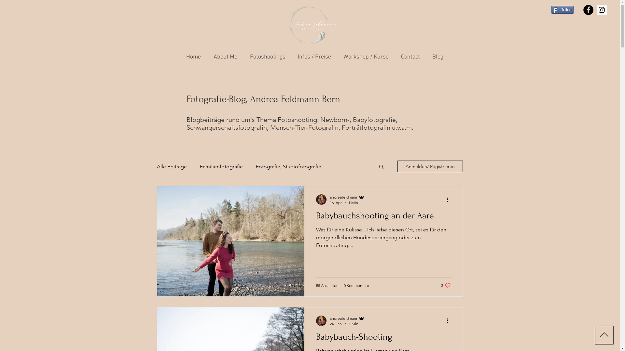  What do you see at coordinates (224, 57) in the screenshot?
I see `'About Me'` at bounding box center [224, 57].